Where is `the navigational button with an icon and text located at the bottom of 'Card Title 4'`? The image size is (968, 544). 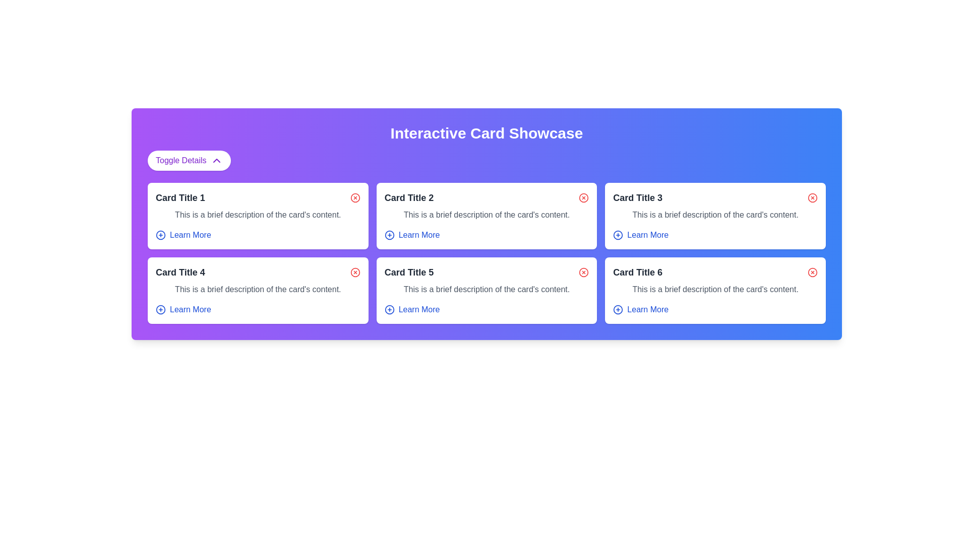
the navigational button with an icon and text located at the bottom of 'Card Title 4' is located at coordinates (183, 309).